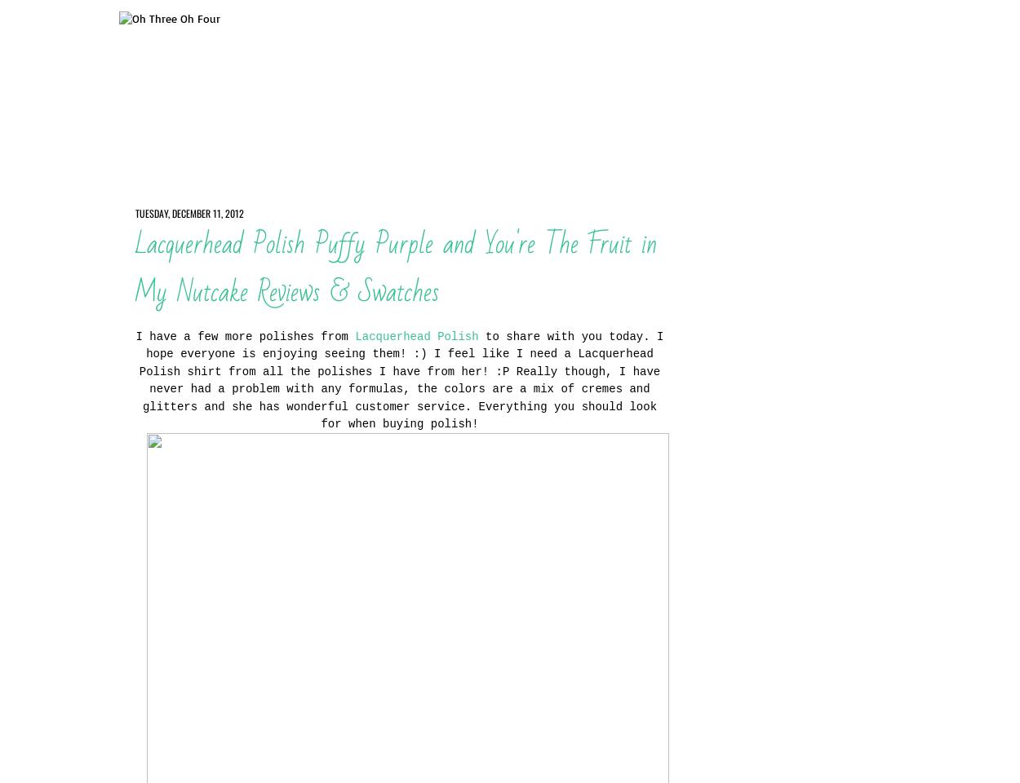 The image size is (1020, 783). What do you see at coordinates (578, 148) in the screenshot?
I see `'Disclosure'` at bounding box center [578, 148].